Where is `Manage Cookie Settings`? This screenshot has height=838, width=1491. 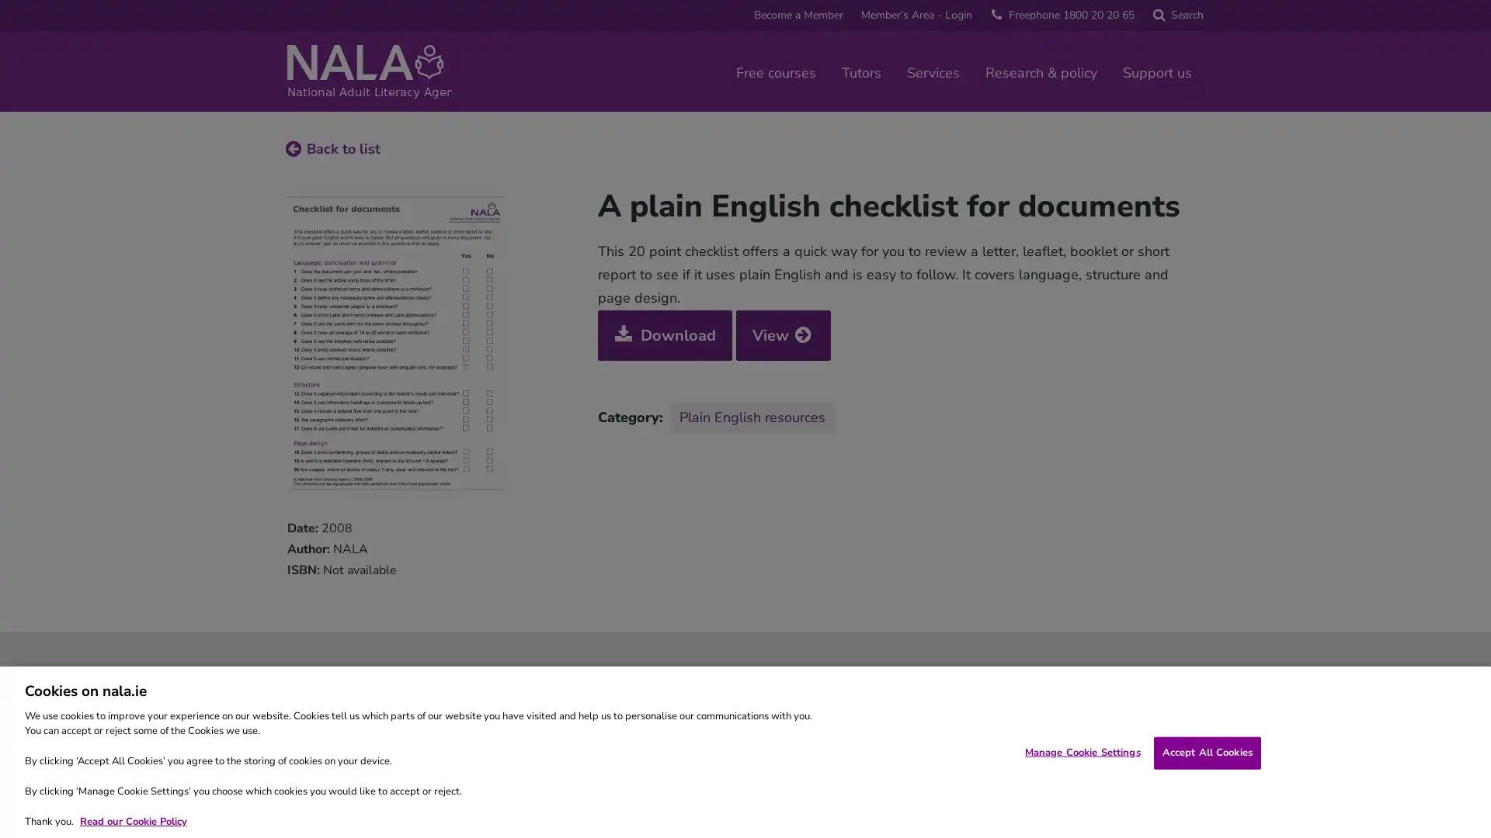
Manage Cookie Settings is located at coordinates (1081, 752).